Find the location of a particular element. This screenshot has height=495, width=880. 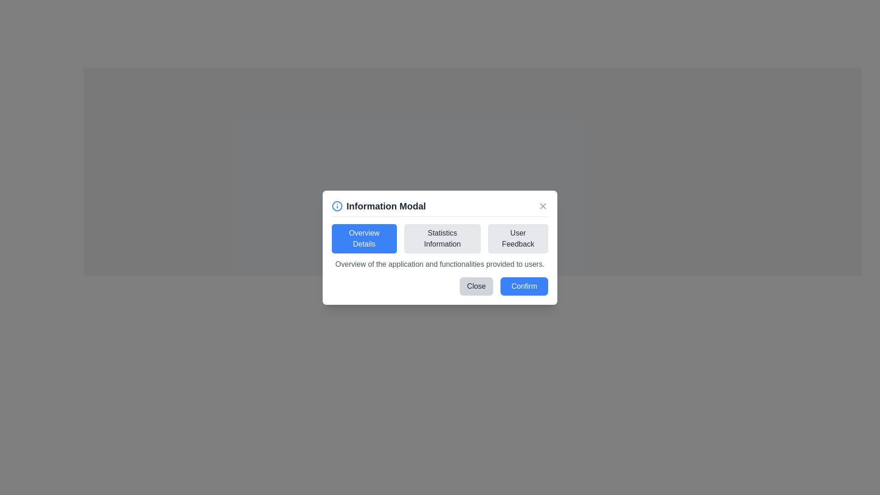

static text label located centrally within the modal dialog box, positioned directly below the buttons 'Overview Details', 'Statistics Information', and 'User Feedback' is located at coordinates (440, 264).